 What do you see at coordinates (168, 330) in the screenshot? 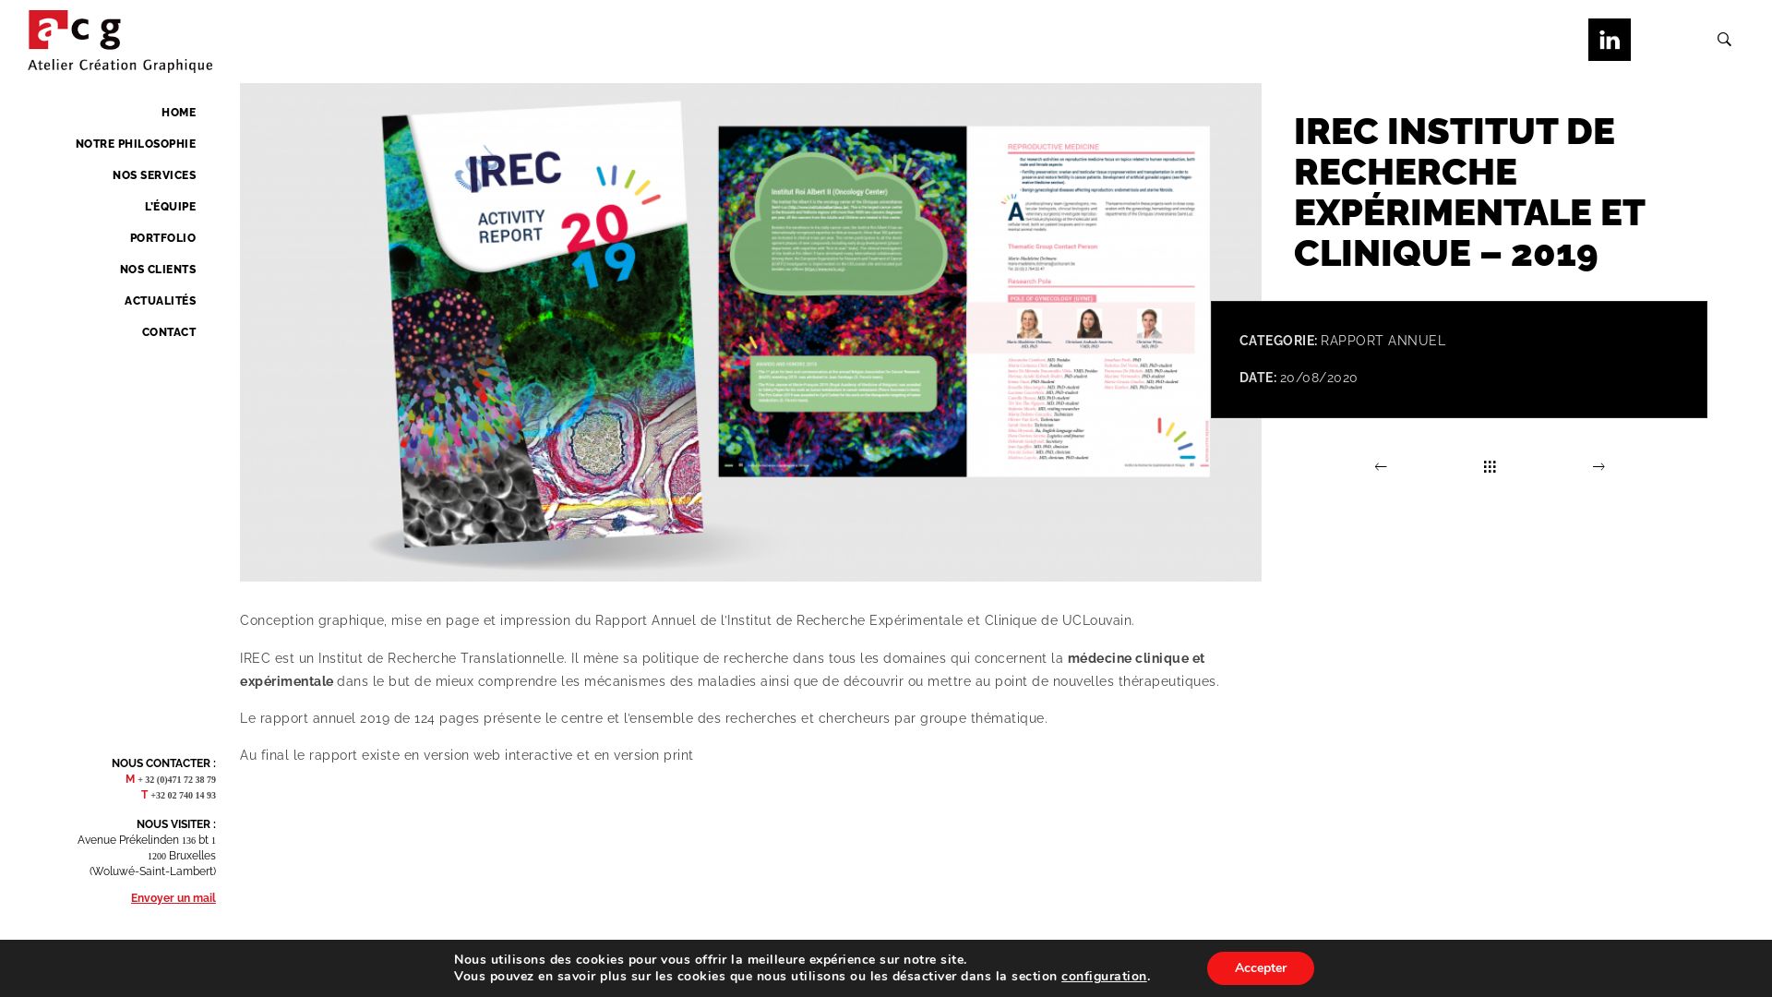
I see `'CONTACT'` at bounding box center [168, 330].